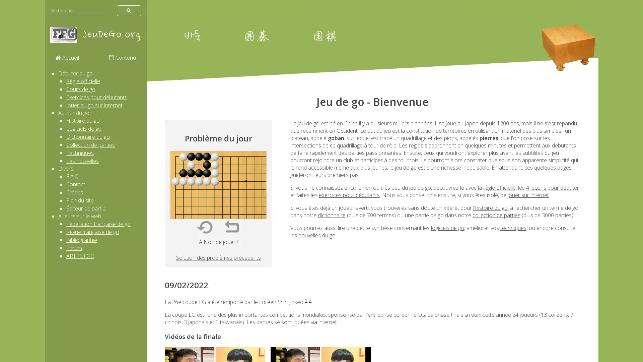 This screenshot has height=362, width=643. Describe the element at coordinates (129, 10) in the screenshot. I see `rechercher` at that location.